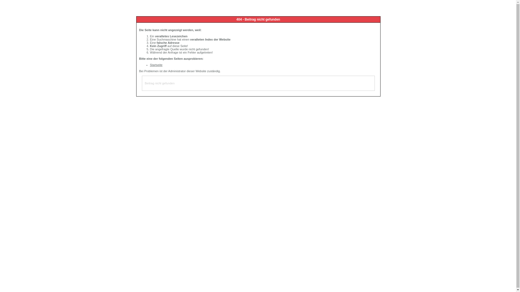 The image size is (520, 292). What do you see at coordinates (150, 64) in the screenshot?
I see `'Startseite'` at bounding box center [150, 64].